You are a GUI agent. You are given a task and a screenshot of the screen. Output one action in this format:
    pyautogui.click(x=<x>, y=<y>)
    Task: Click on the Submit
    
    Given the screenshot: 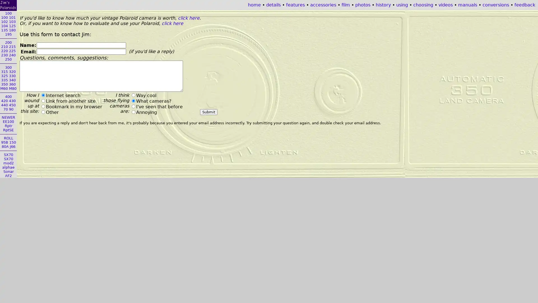 What is the action you would take?
    pyautogui.click(x=208, y=112)
    